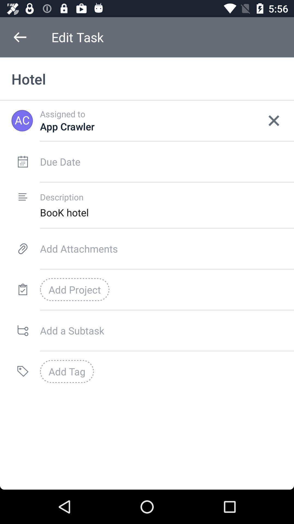 This screenshot has height=524, width=294. Describe the element at coordinates (167, 212) in the screenshot. I see `the book hotel icon` at that location.